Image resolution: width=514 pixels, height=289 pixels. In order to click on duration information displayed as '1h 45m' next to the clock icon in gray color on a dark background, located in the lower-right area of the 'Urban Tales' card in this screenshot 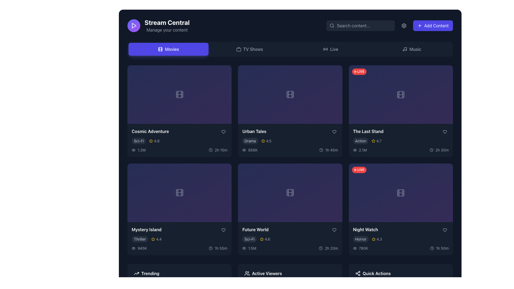, I will do `click(328, 150)`.